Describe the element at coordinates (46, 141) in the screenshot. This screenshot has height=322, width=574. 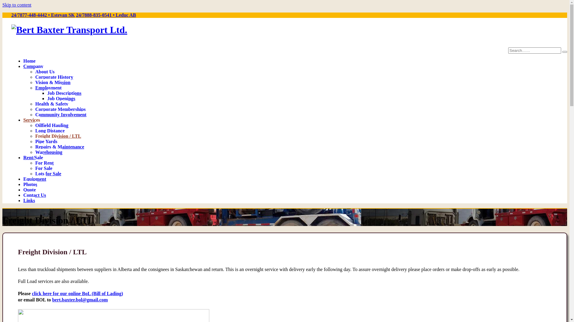
I see `'Pipe Yards'` at that location.